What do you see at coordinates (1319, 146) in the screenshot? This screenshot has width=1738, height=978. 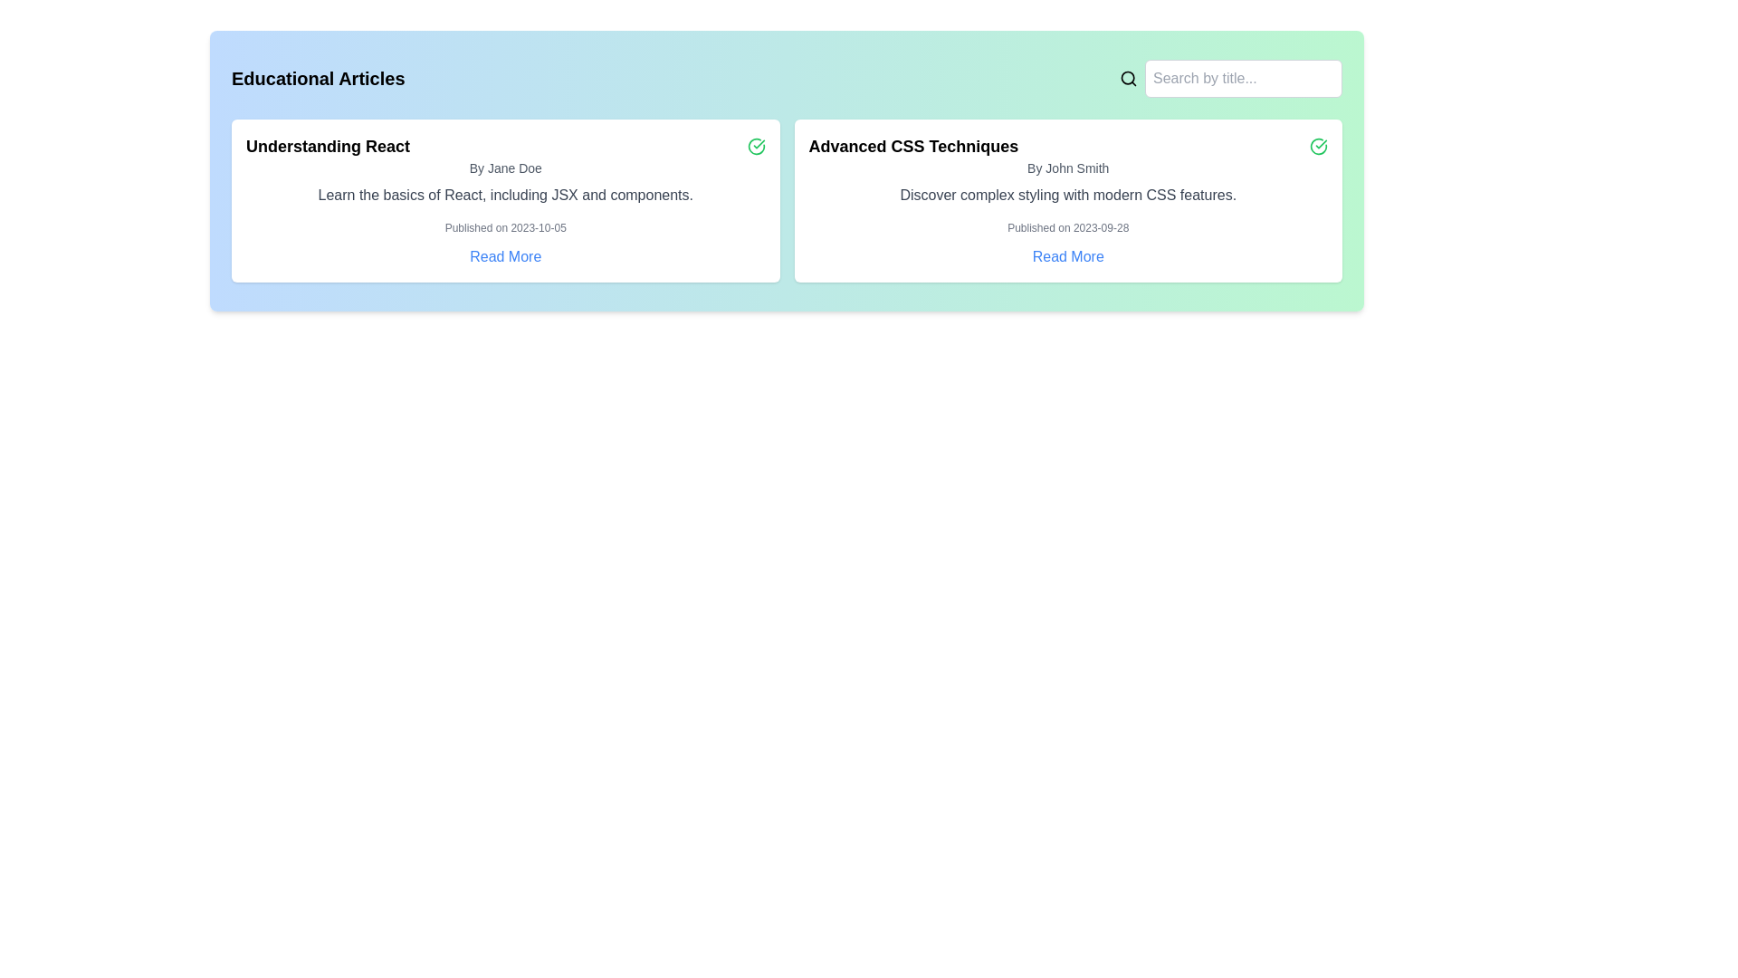 I see `the status indicator icon located at the top-right corner of the card titled 'Advanced CSS Techniques' to signify a positive confirmation related to the card's contents` at bounding box center [1319, 146].